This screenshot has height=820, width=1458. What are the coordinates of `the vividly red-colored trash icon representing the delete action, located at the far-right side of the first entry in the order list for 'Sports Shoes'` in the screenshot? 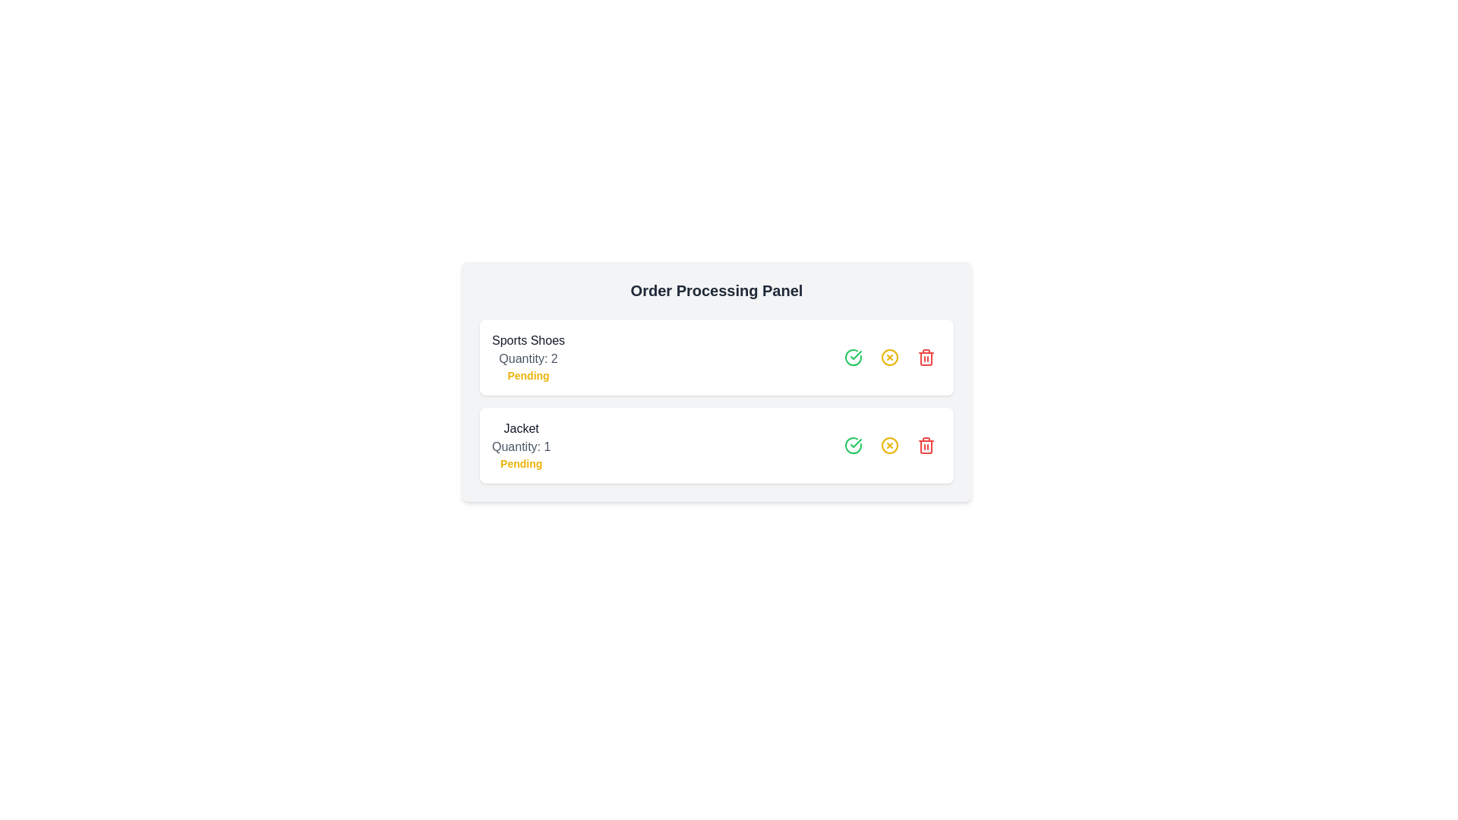 It's located at (925, 357).